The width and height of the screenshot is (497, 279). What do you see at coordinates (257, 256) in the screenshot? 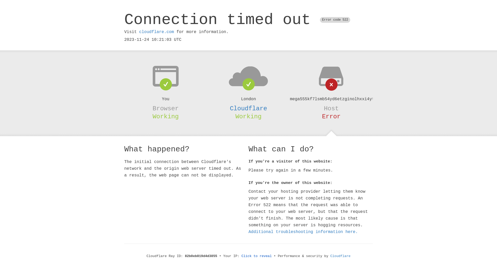
I see `'Click to reveal'` at bounding box center [257, 256].